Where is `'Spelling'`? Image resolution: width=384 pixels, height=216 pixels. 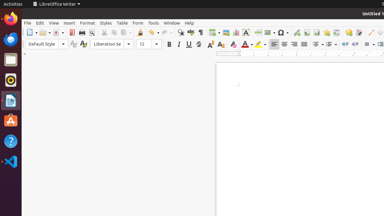 'Spelling' is located at coordinates (190, 32).